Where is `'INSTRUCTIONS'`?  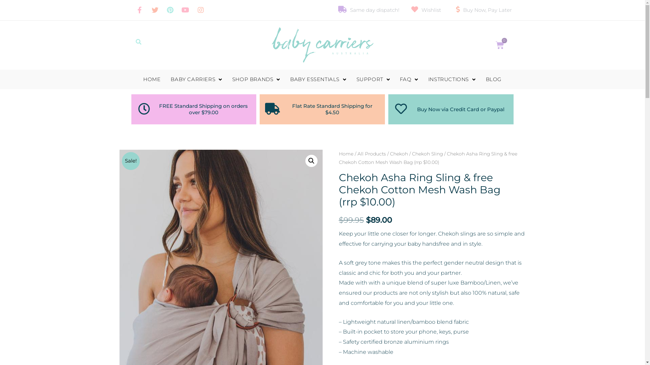 'INSTRUCTIONS' is located at coordinates (452, 79).